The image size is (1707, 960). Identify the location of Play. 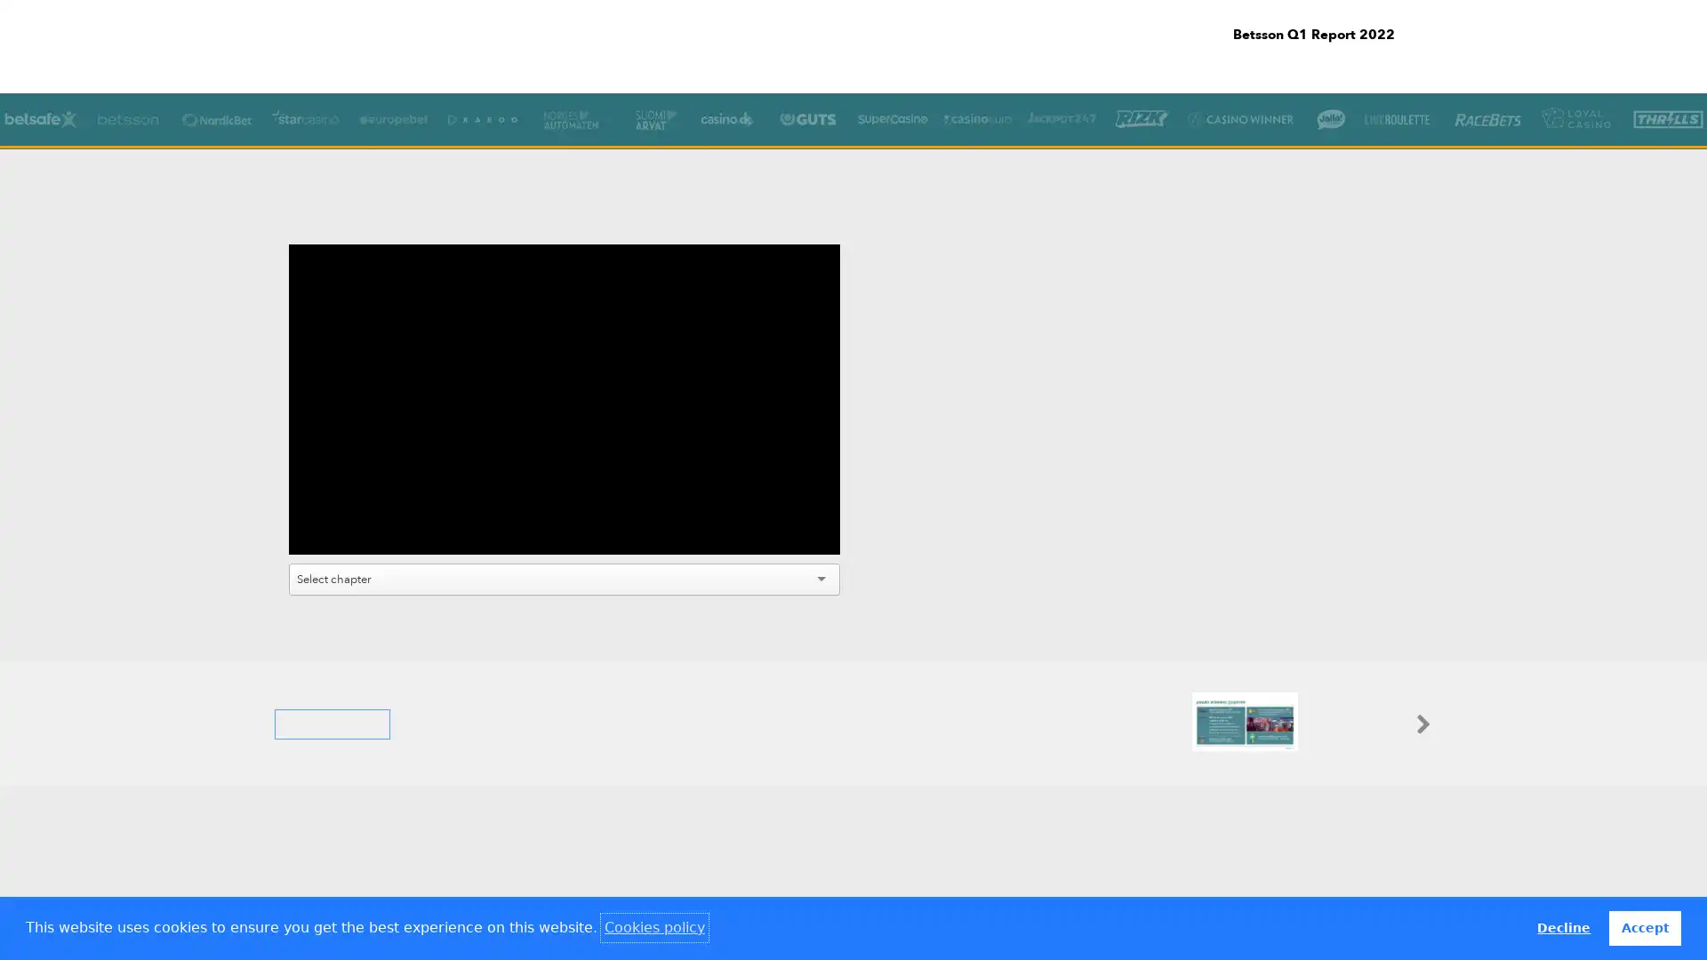
(566, 402).